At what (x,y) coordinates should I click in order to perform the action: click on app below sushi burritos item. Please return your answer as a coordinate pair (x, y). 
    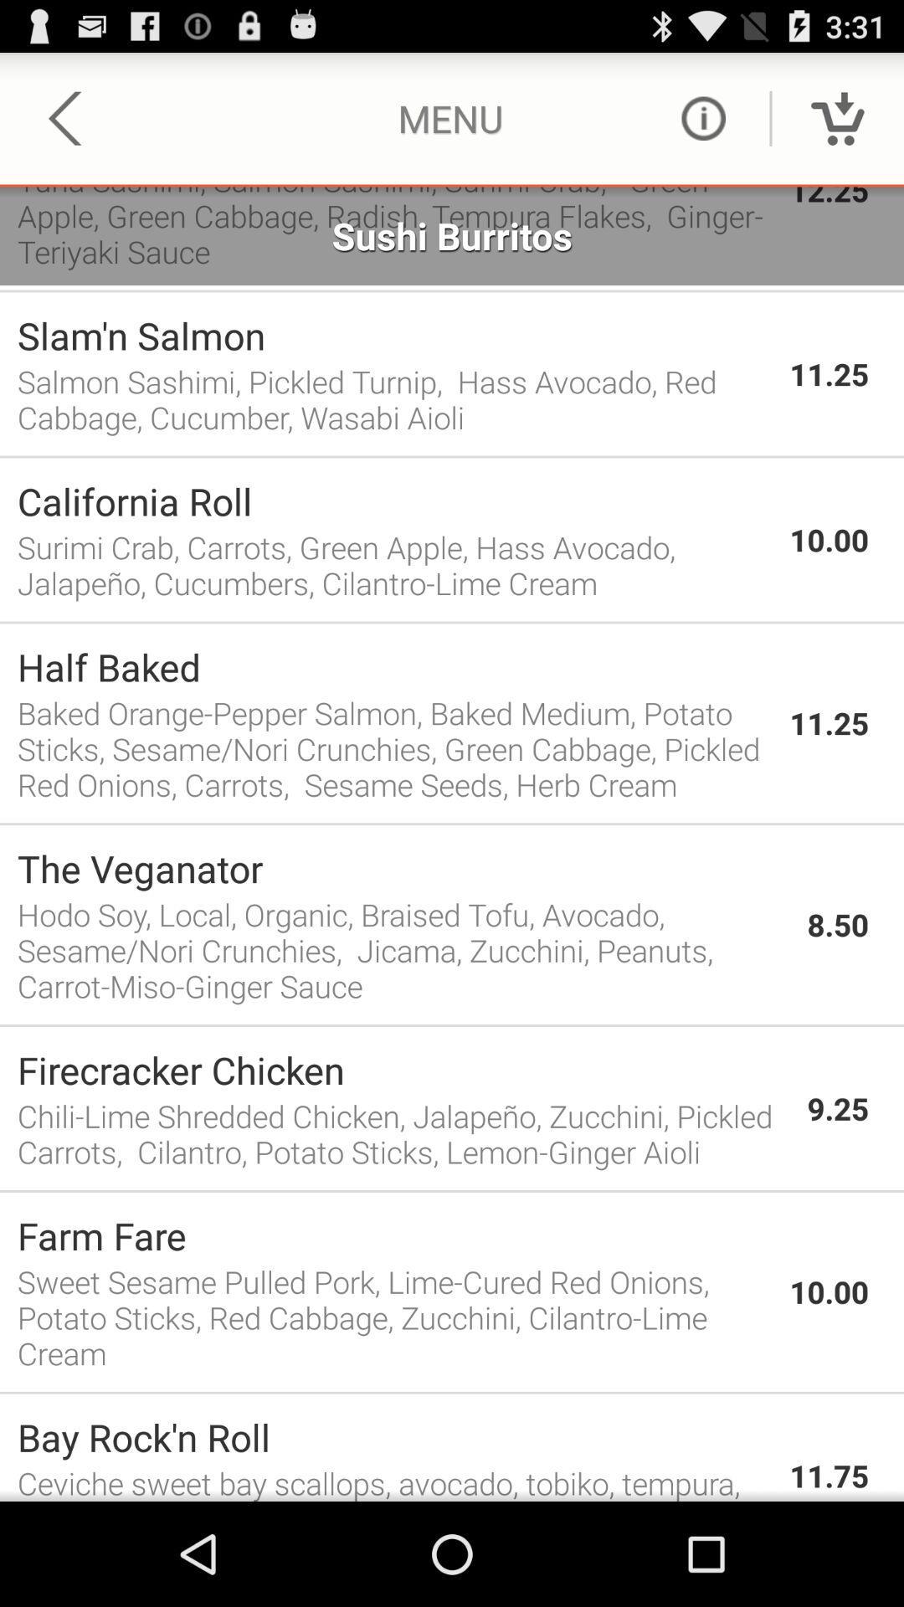
    Looking at the image, I should click on (452, 290).